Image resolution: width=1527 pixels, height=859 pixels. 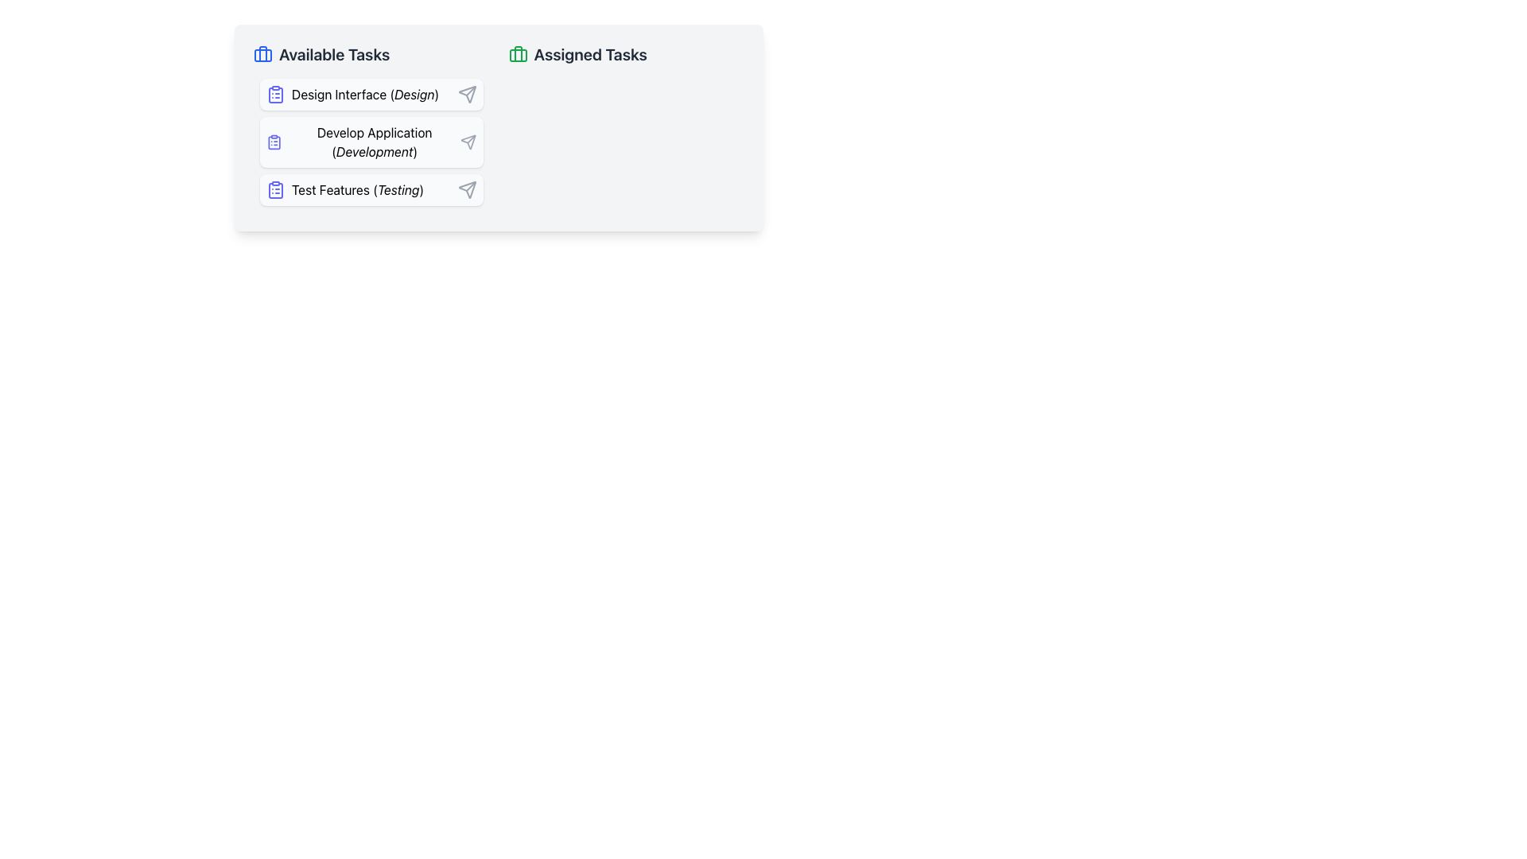 What do you see at coordinates (357, 189) in the screenshot?
I see `the 'Test Features (Testing)' text label in the 'Available Tasks' section` at bounding box center [357, 189].